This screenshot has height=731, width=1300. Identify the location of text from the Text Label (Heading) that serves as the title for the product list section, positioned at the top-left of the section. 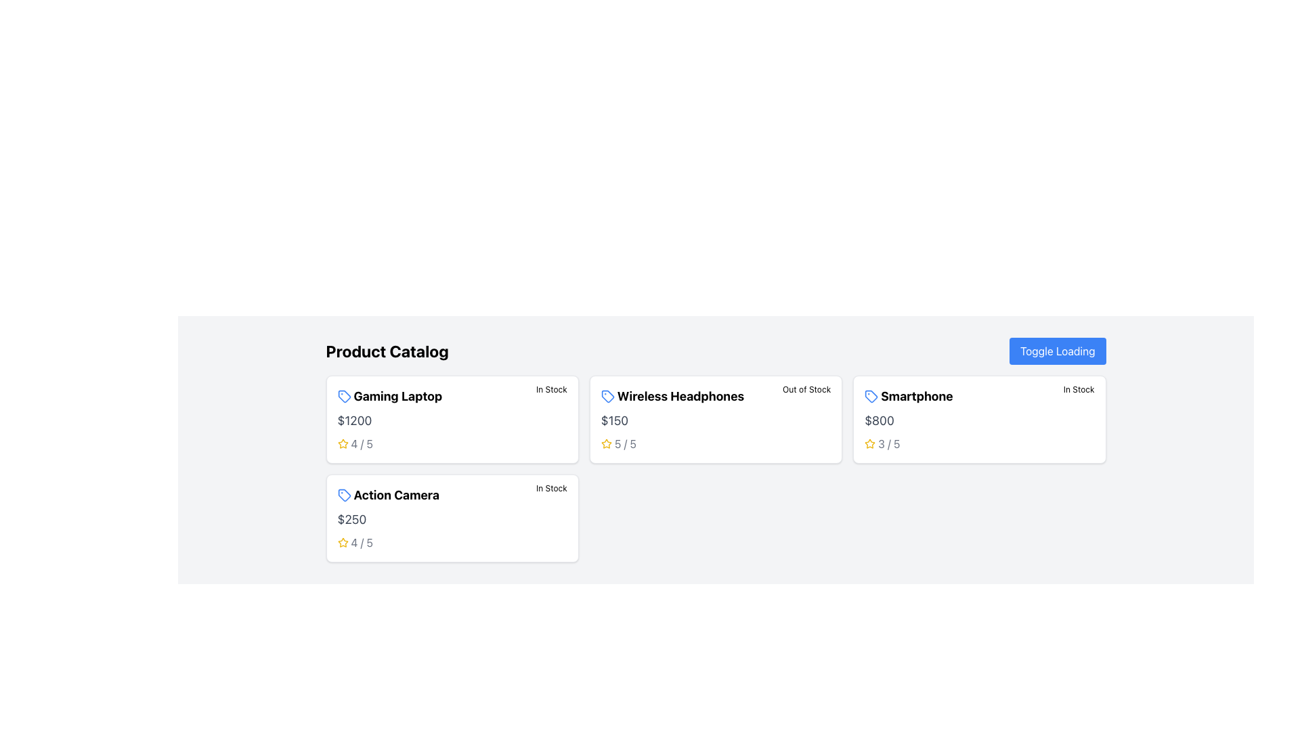
(387, 351).